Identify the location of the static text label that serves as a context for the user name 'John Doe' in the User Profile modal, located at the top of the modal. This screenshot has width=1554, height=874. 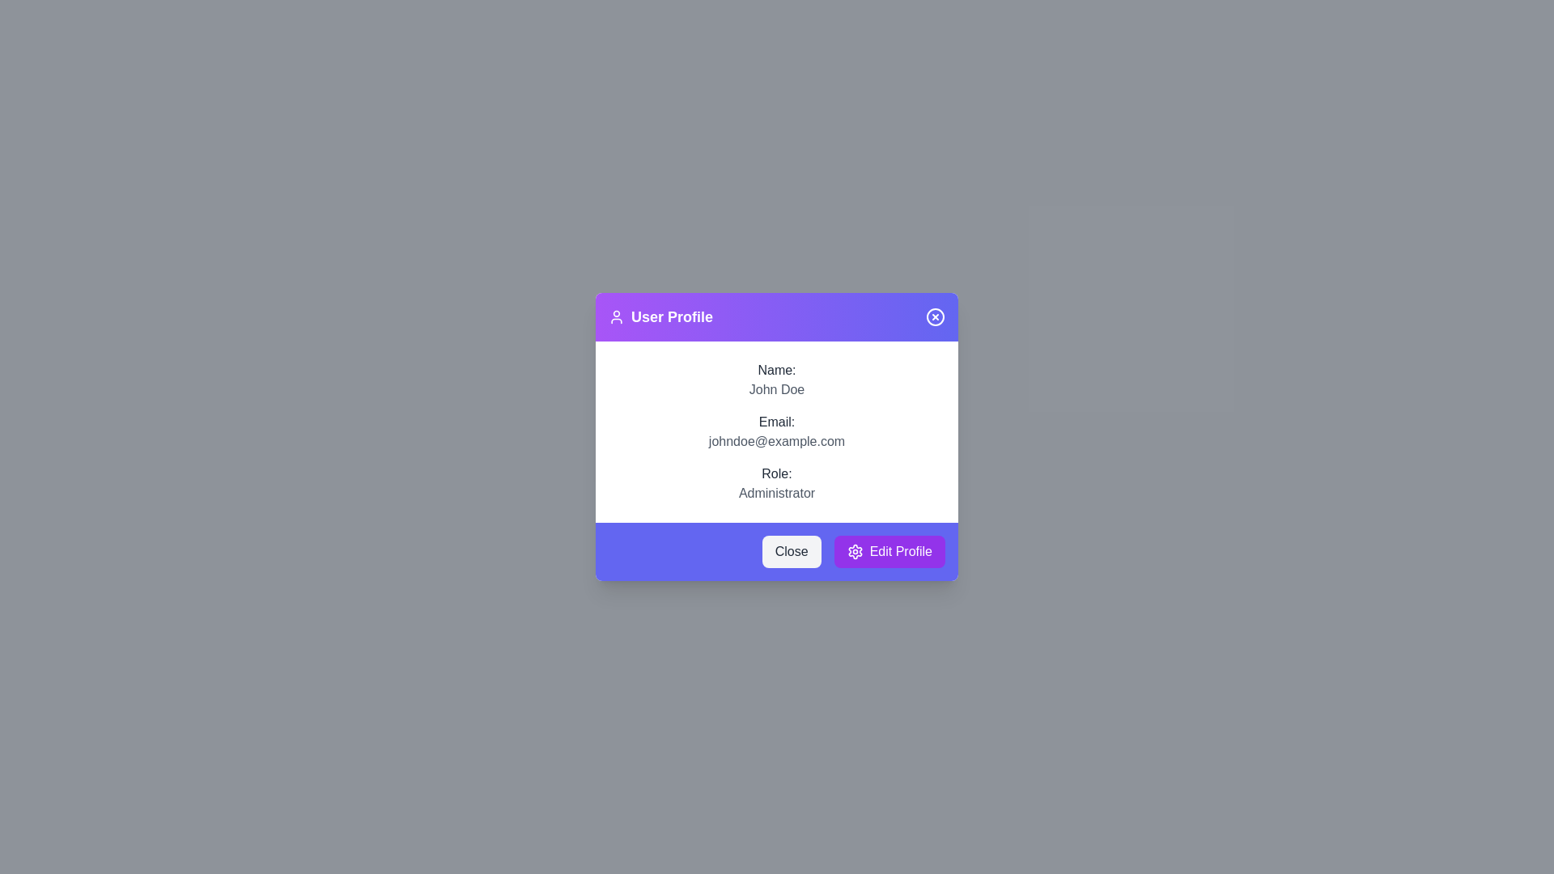
(777, 371).